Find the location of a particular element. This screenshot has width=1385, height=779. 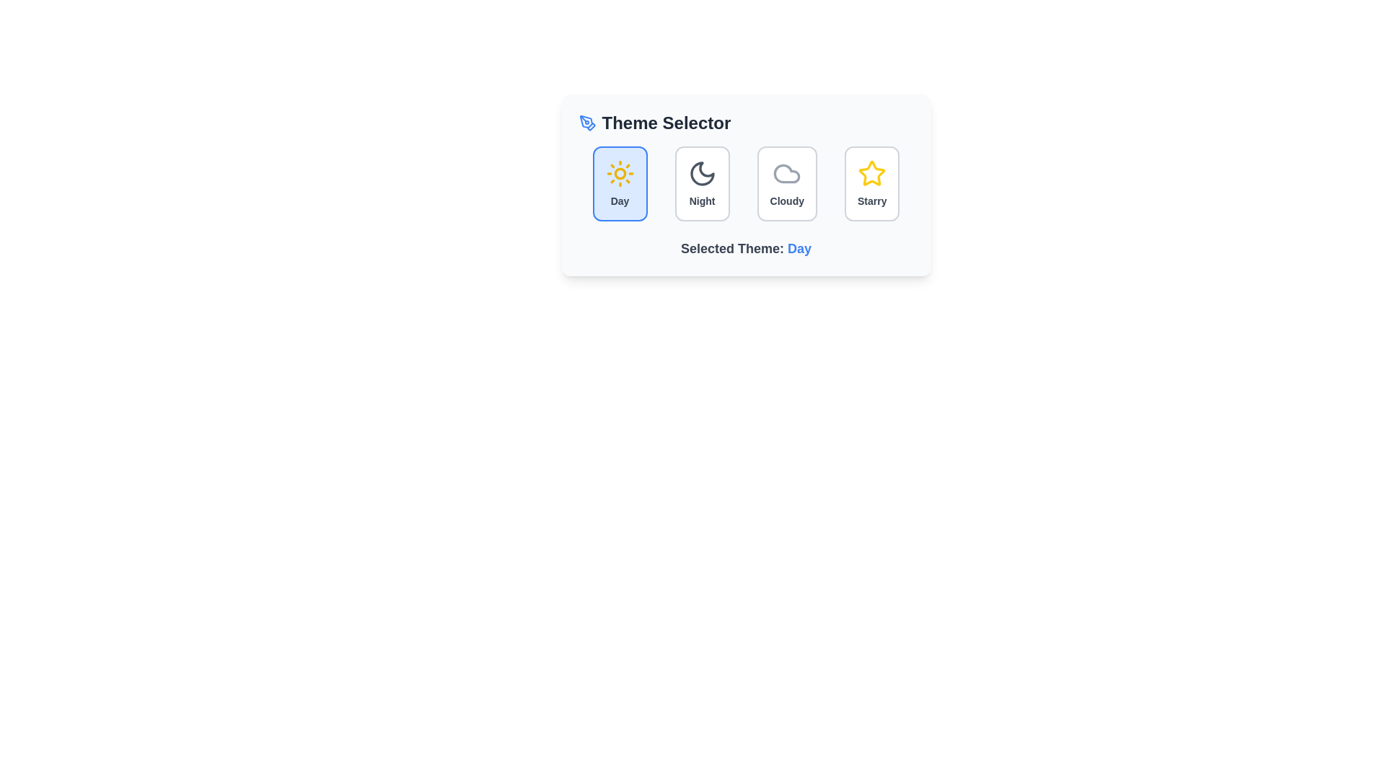

the static text label displaying 'Cloudy', which is bold and gray, located below a cloud icon in the third option group of theme selection is located at coordinates (786, 201).